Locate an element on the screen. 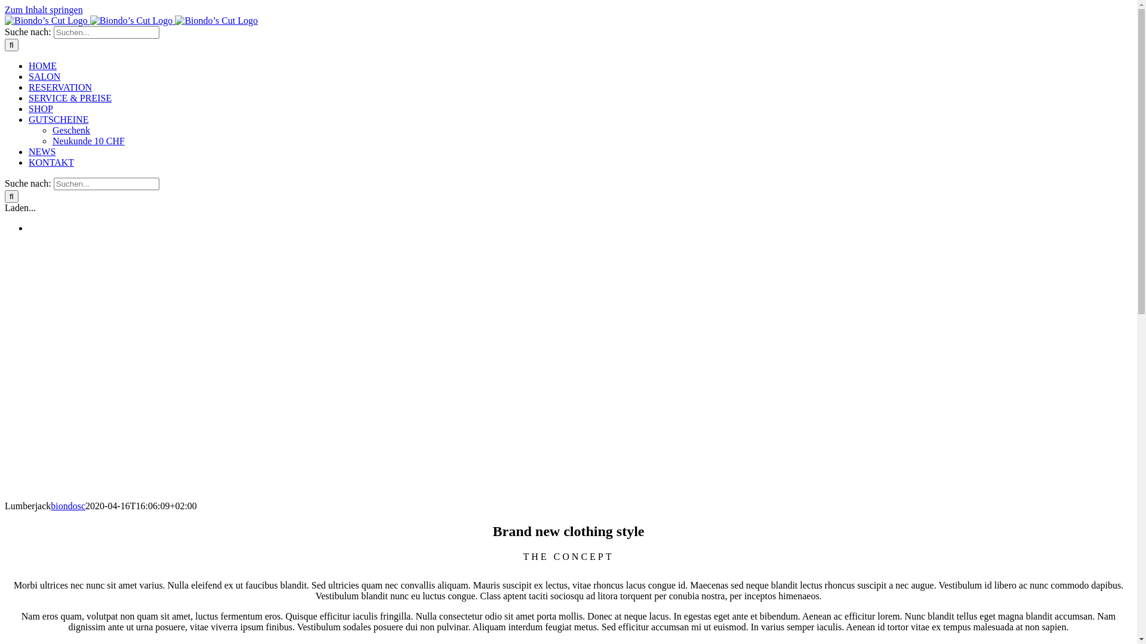 The height and width of the screenshot is (644, 1146). 'SERVICE & PREISE' is located at coordinates (69, 97).